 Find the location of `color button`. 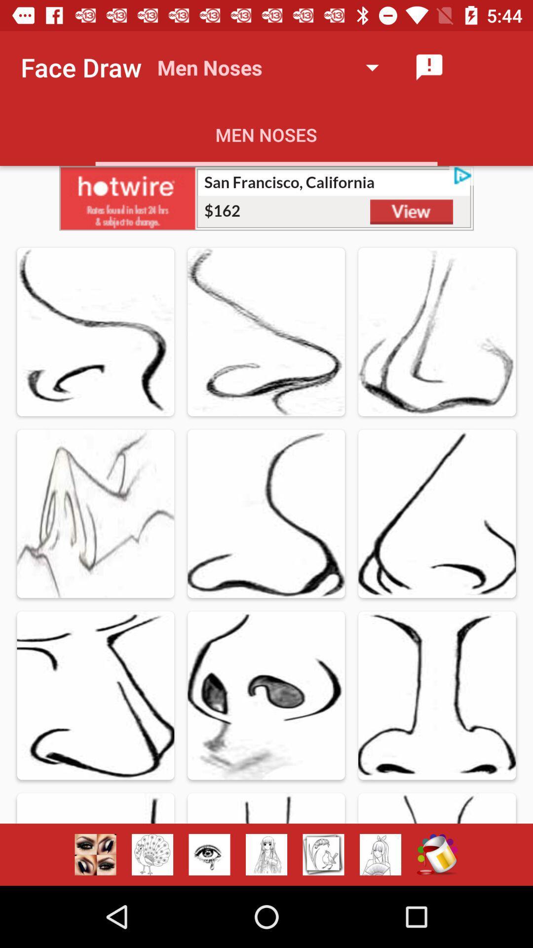

color button is located at coordinates (437, 854).